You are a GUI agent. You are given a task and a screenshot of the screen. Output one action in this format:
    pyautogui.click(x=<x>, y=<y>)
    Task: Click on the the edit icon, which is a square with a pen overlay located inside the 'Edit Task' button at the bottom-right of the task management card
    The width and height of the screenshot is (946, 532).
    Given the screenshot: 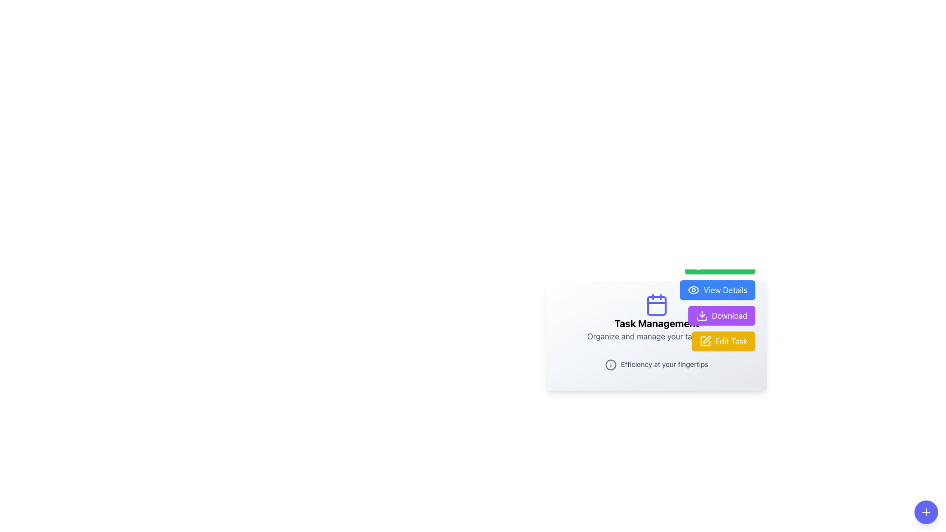 What is the action you would take?
    pyautogui.click(x=705, y=340)
    